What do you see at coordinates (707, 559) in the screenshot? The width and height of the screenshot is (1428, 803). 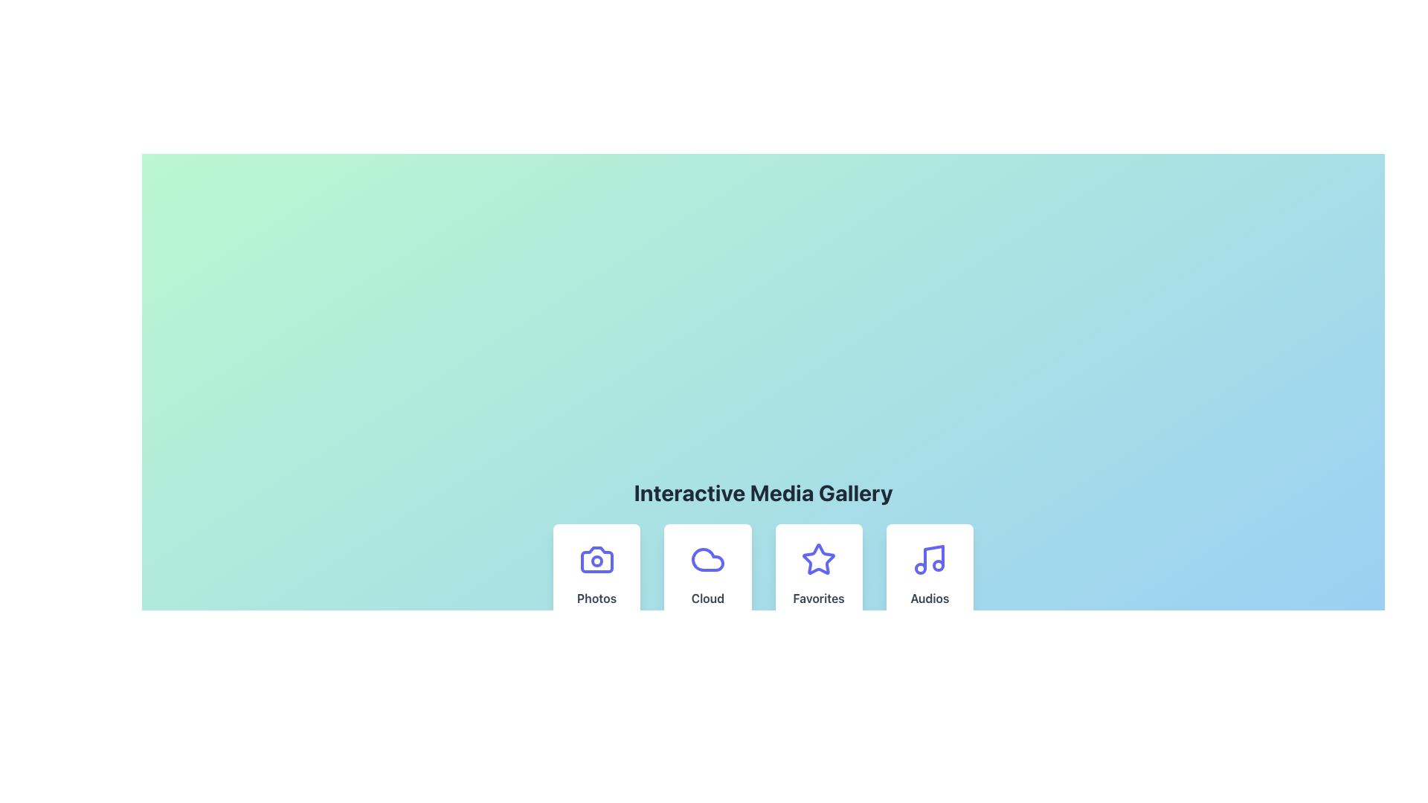 I see `the stylized blue cloud-shaped icon centered above the label 'Cloud' in the 'Interactive Media Gallery' section` at bounding box center [707, 559].